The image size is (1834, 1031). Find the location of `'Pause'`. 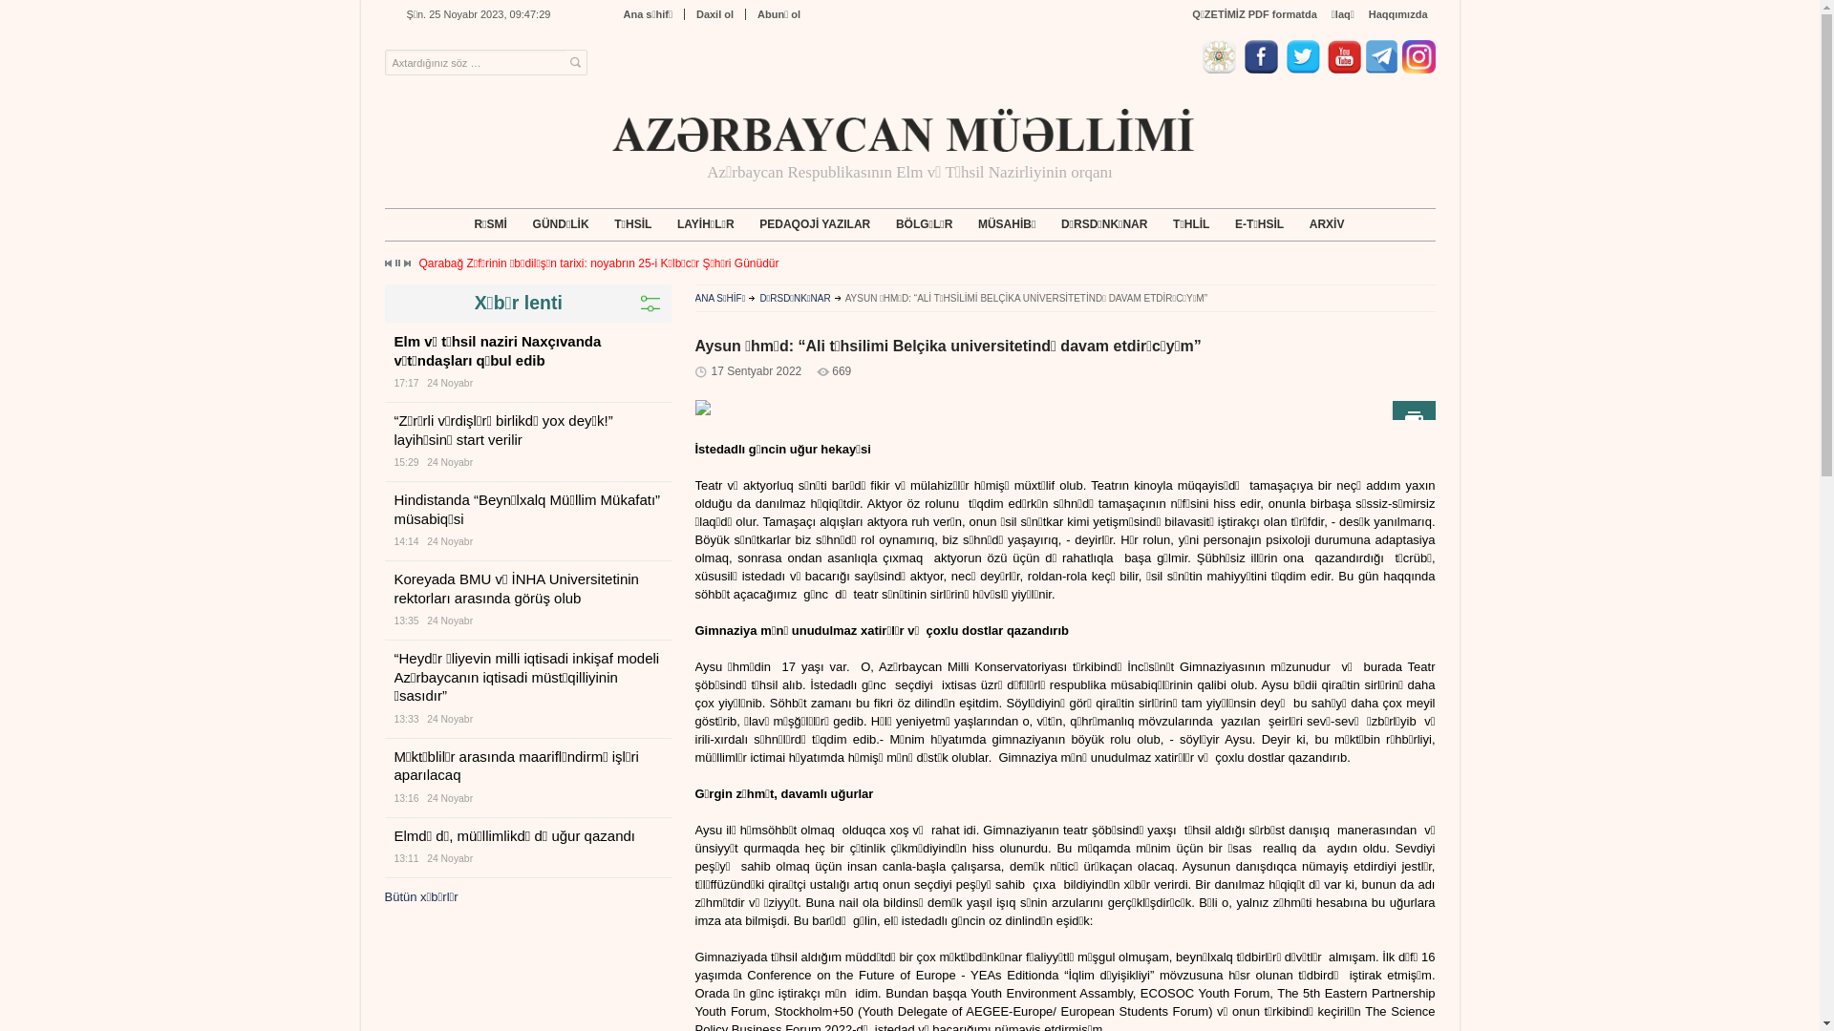

'Pause' is located at coordinates (396, 263).